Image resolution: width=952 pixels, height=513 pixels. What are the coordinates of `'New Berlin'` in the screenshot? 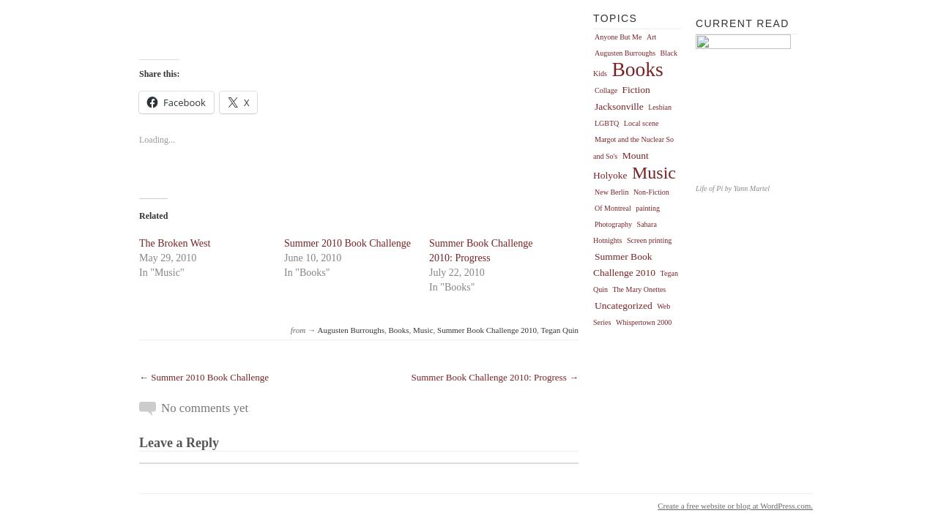 It's located at (611, 191).